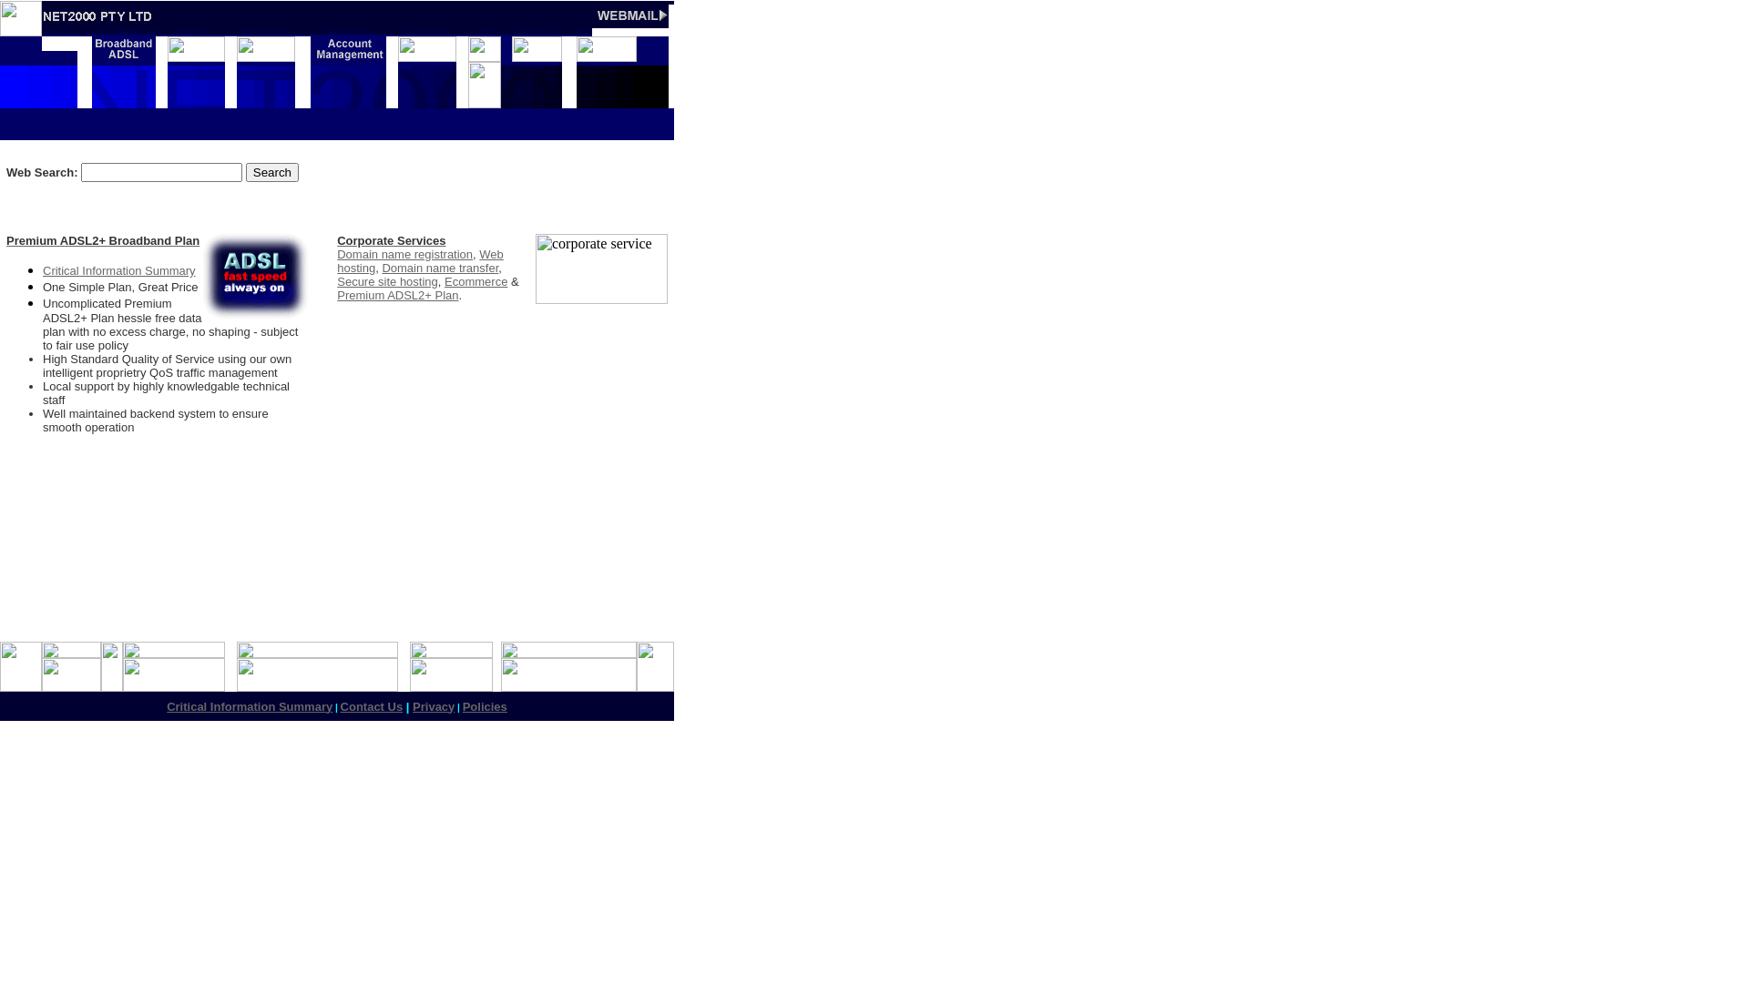 This screenshot has width=1749, height=983. I want to click on 'Policies', so click(485, 704).